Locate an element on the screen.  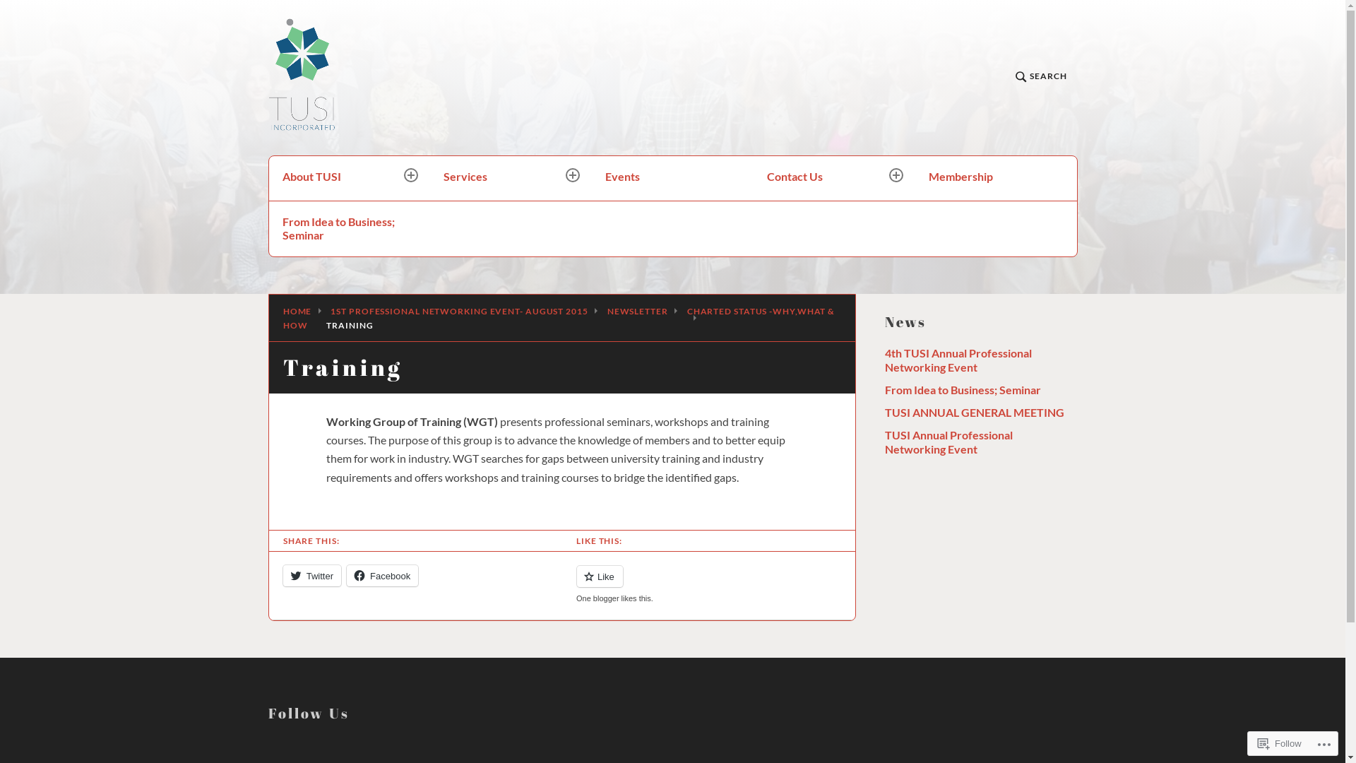
'From Idea to Business; Seminar' is located at coordinates (350, 227).